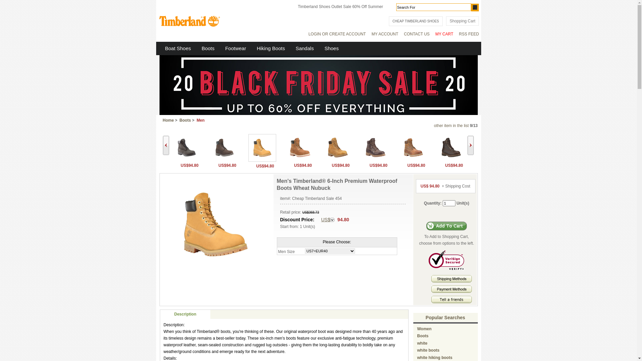 The height and width of the screenshot is (361, 642). Describe the element at coordinates (220, 47) in the screenshot. I see `'Footwear'` at that location.